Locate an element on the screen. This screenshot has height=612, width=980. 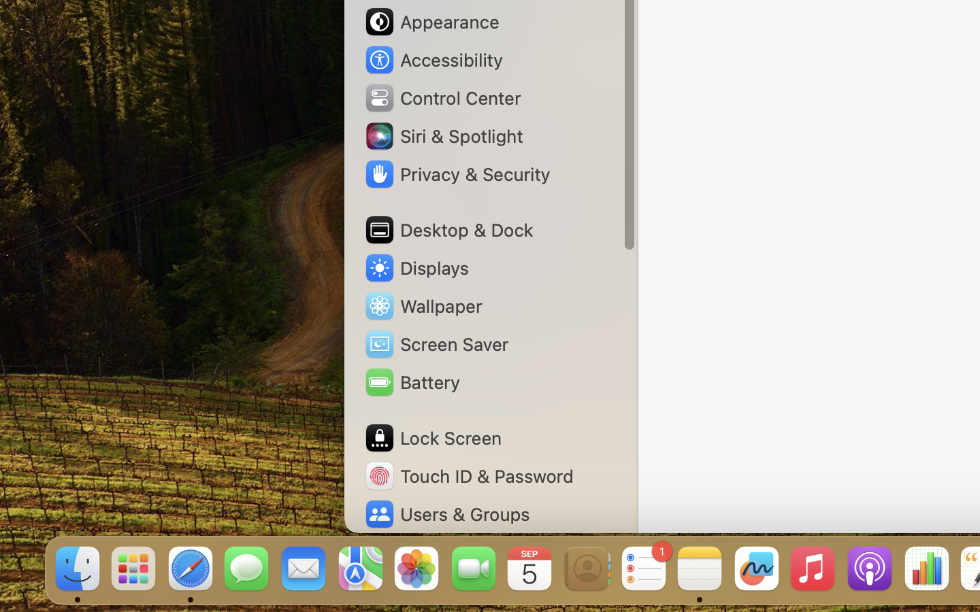
'Control Center' is located at coordinates (442, 98).